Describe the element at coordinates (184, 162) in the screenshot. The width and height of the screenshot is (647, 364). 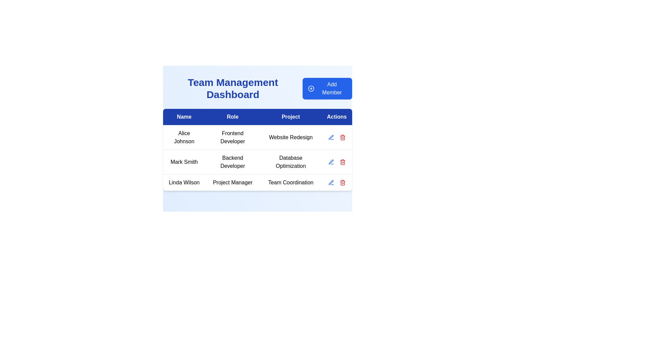
I see `name displayed on the text label representing a team member in the second row of the team management dashboard` at that location.